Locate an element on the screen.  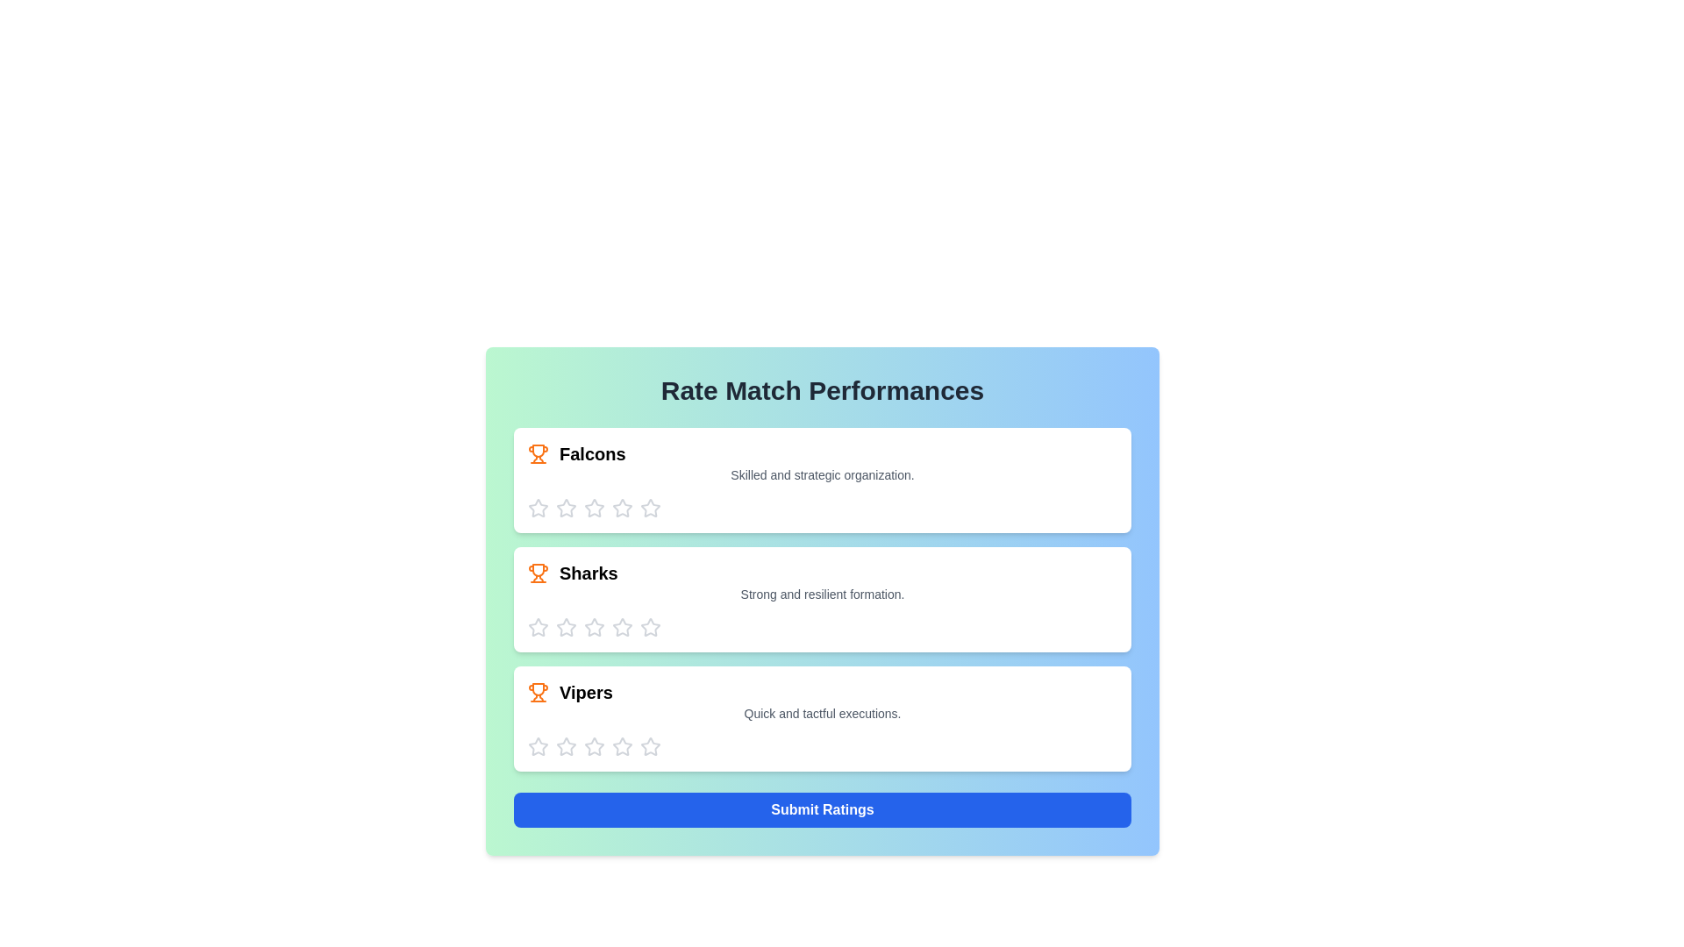
the Sharks team's 2 star to set the rating is located at coordinates (567, 627).